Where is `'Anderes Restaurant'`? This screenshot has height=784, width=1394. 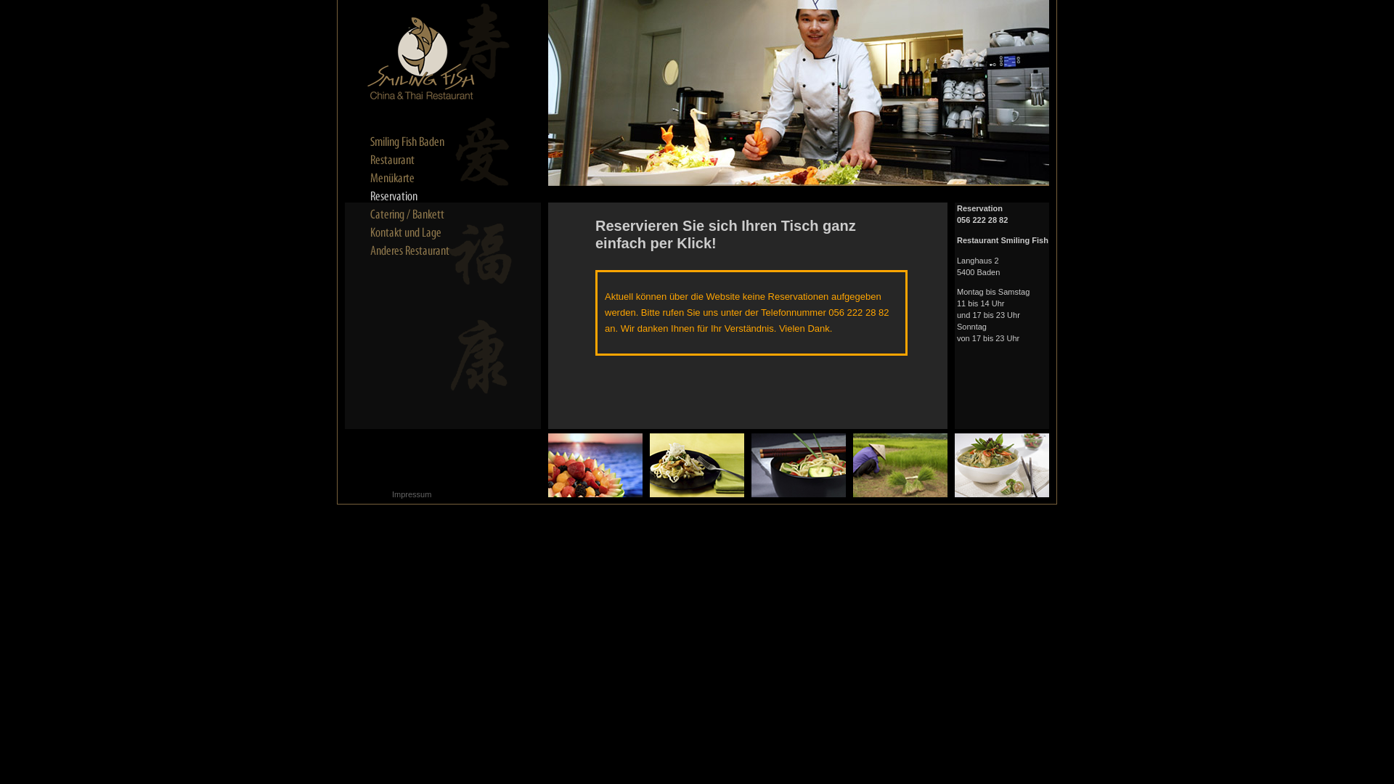
'Anderes Restaurant' is located at coordinates (420, 250).